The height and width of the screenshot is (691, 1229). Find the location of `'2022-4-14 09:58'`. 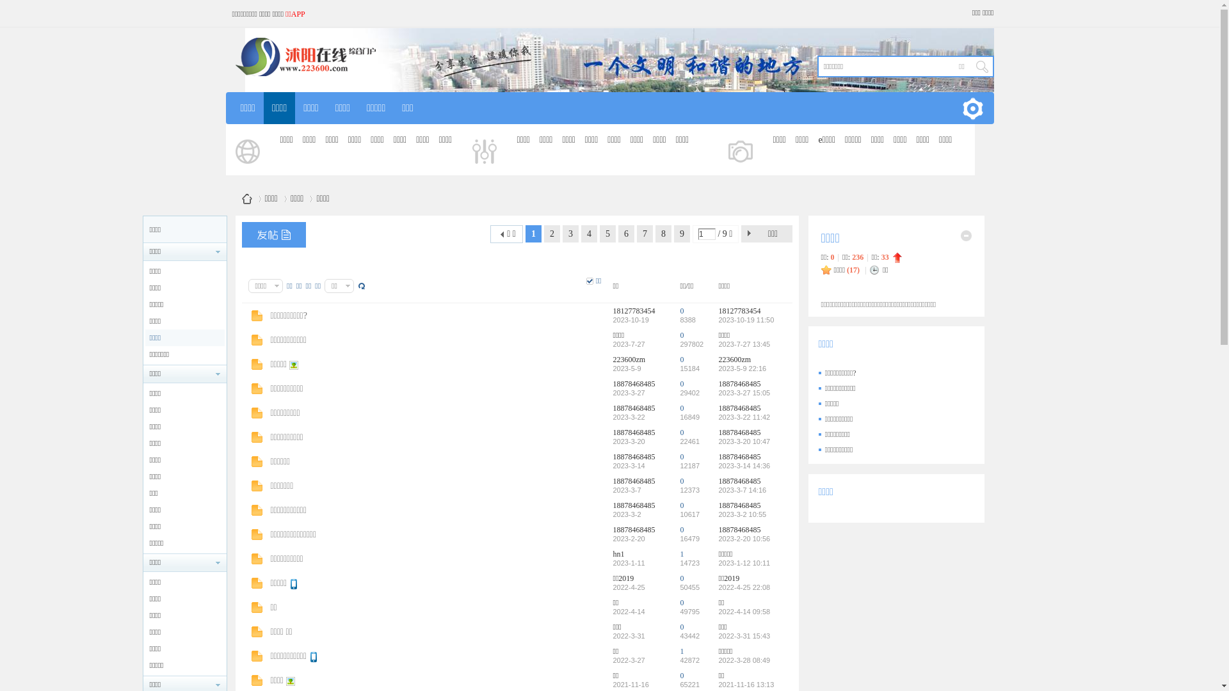

'2022-4-14 09:58' is located at coordinates (744, 611).